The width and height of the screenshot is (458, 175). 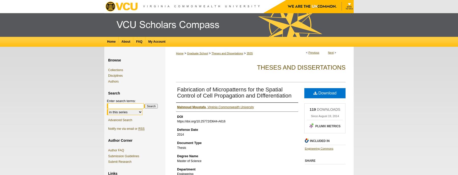 I want to click on 'Author Corner', so click(x=120, y=140).